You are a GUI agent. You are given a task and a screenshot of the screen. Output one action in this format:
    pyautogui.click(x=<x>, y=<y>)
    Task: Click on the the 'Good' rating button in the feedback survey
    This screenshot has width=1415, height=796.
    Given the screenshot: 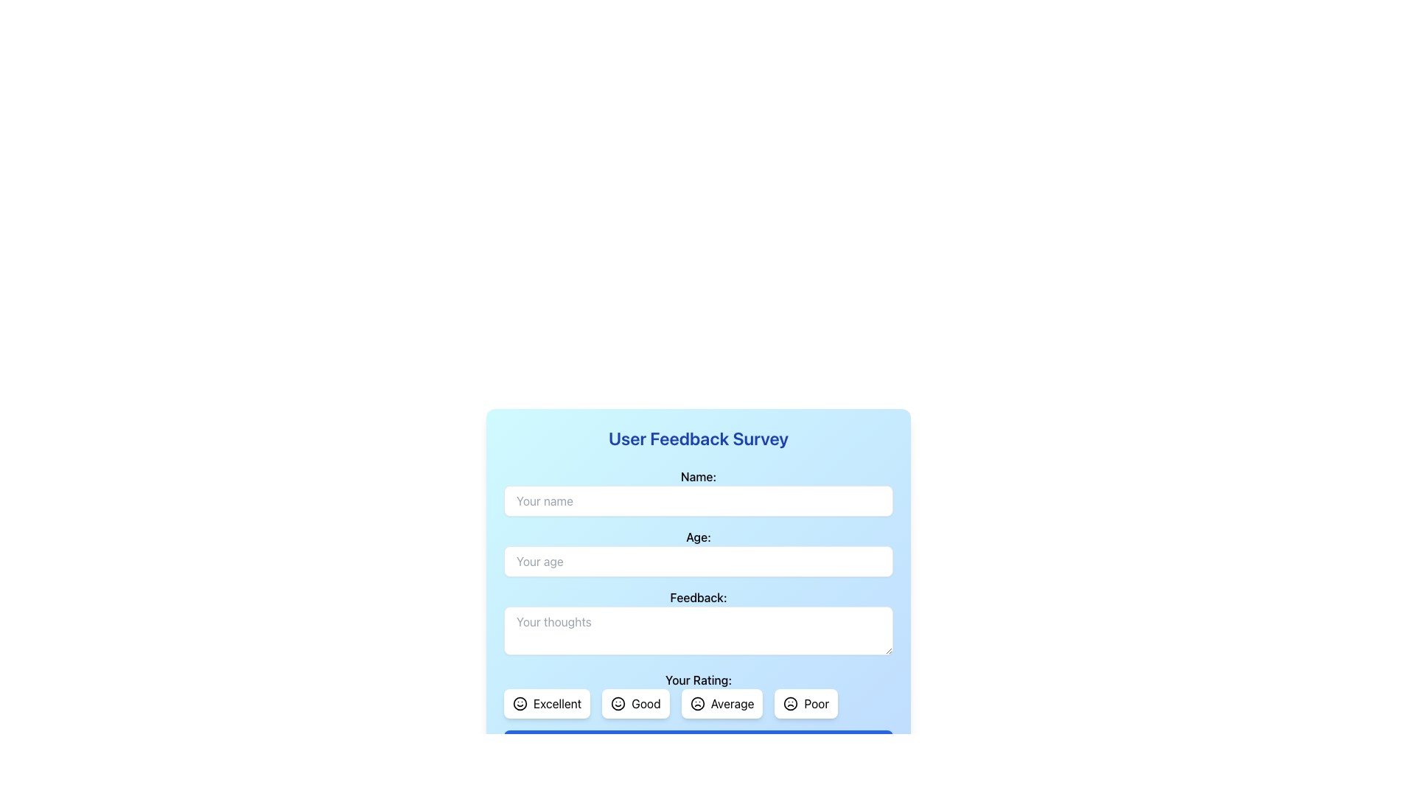 What is the action you would take?
    pyautogui.click(x=635, y=703)
    